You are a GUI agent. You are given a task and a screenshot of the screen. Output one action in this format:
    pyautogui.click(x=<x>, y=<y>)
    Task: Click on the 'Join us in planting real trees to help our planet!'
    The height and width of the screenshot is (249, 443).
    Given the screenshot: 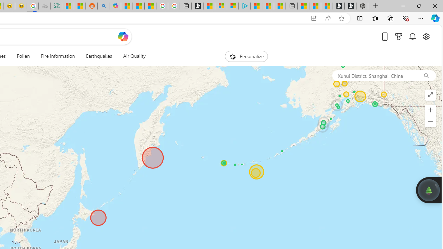 What is the action you would take?
    pyautogui.click(x=428, y=190)
    